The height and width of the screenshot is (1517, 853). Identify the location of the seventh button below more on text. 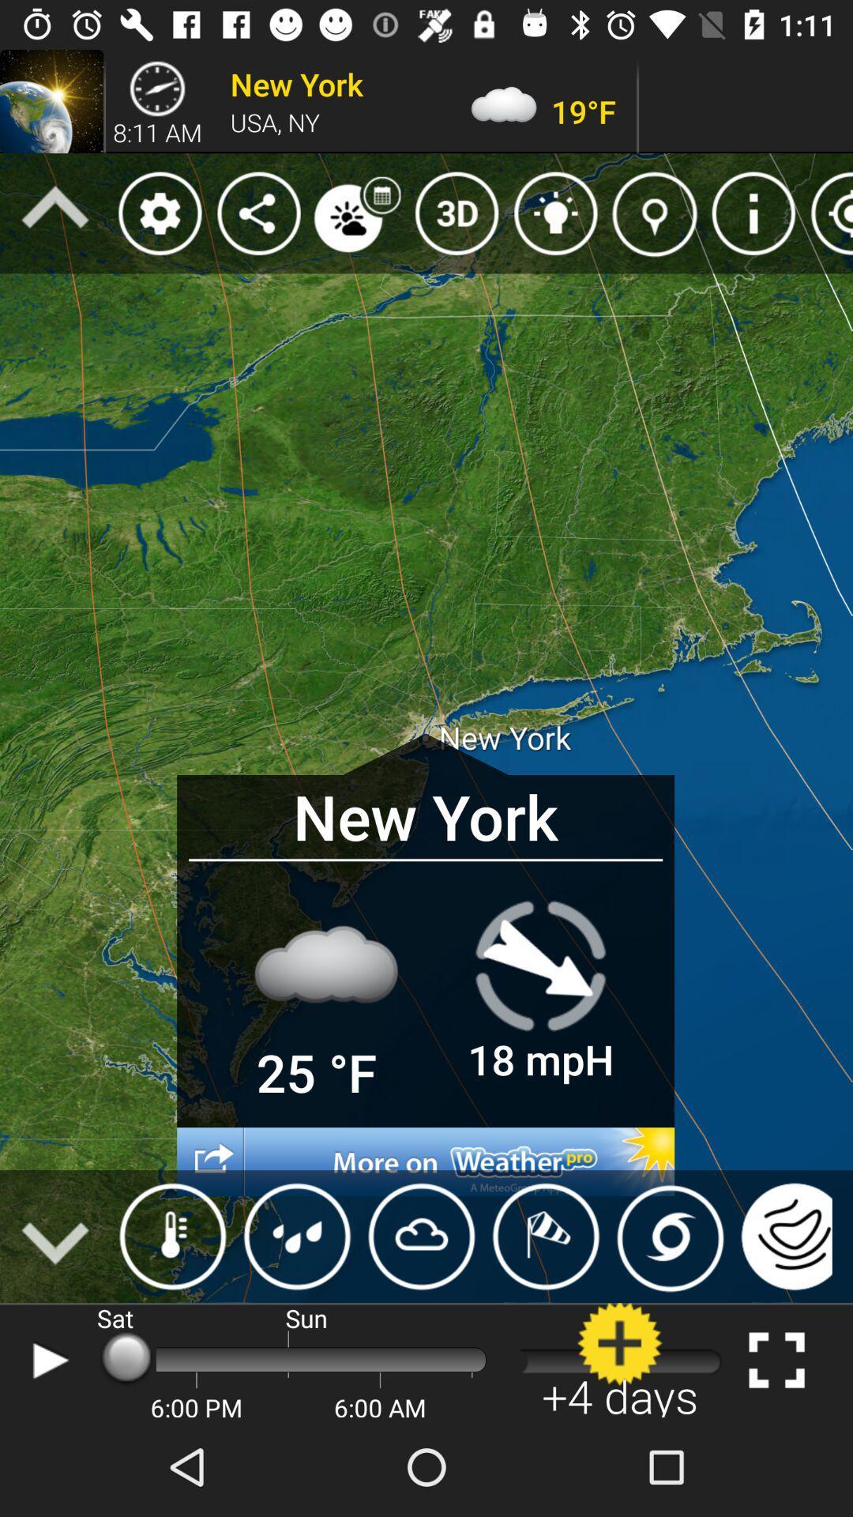
(783, 1236).